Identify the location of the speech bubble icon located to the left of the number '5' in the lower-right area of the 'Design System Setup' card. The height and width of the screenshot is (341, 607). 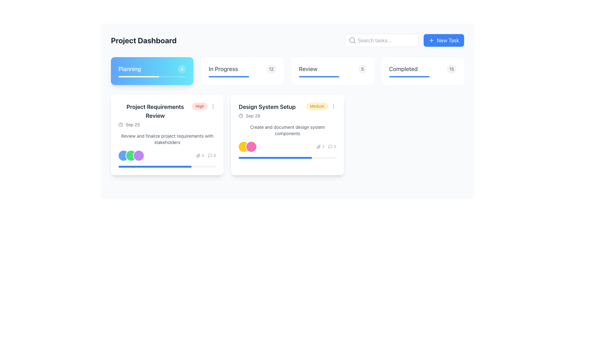
(330, 147).